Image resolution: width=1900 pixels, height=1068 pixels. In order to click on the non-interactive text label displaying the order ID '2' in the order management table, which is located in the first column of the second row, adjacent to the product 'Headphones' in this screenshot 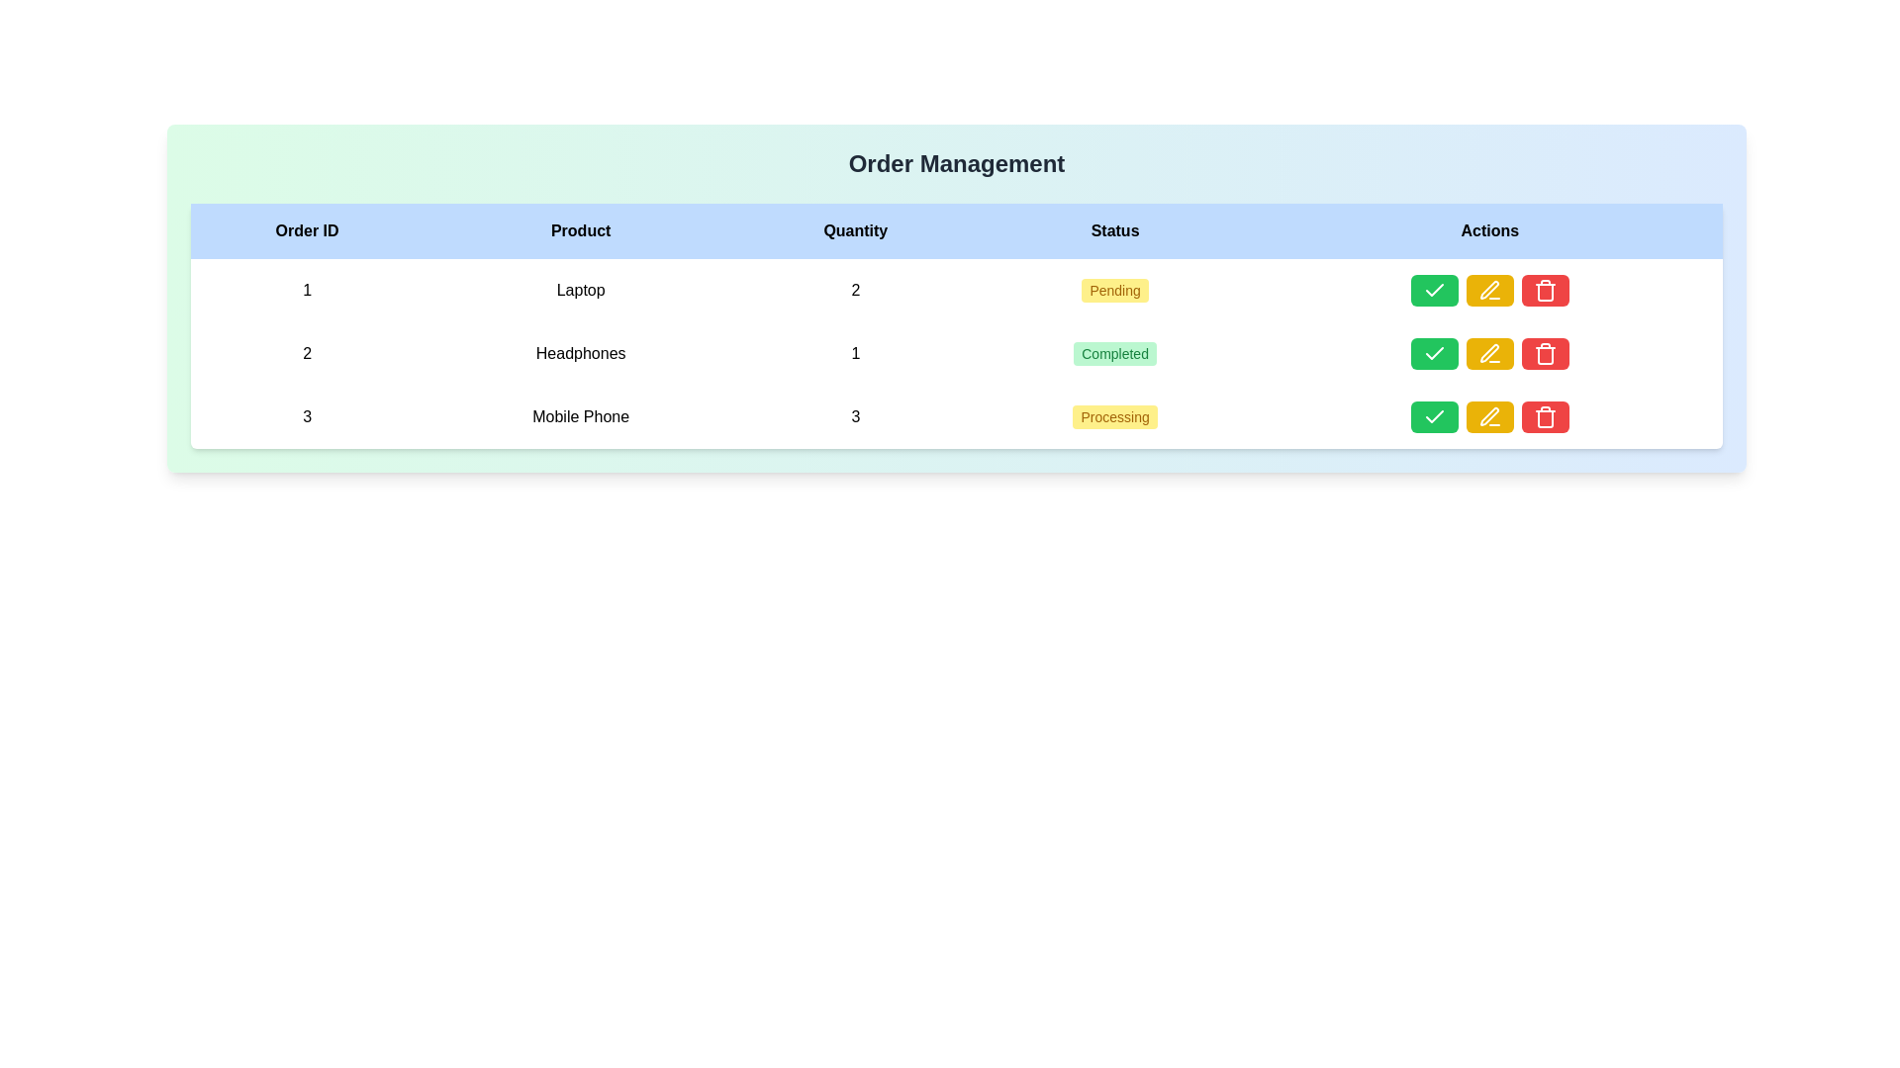, I will do `click(306, 353)`.